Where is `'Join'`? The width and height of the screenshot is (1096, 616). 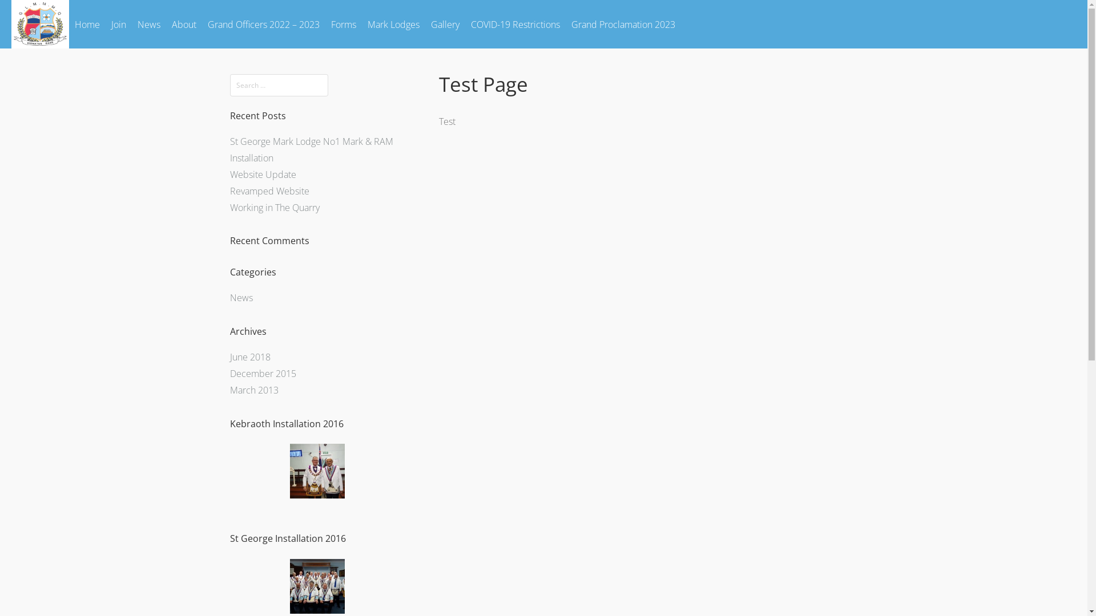 'Join' is located at coordinates (118, 24).